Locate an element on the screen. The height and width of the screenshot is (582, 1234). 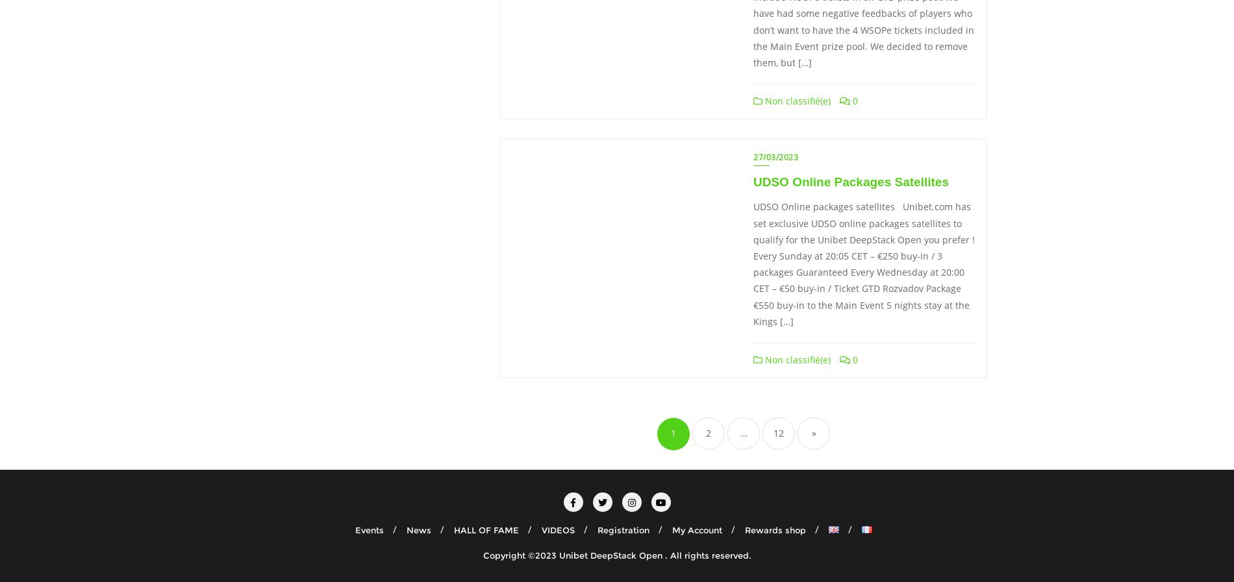
'27/03/2023' is located at coordinates (775, 156).